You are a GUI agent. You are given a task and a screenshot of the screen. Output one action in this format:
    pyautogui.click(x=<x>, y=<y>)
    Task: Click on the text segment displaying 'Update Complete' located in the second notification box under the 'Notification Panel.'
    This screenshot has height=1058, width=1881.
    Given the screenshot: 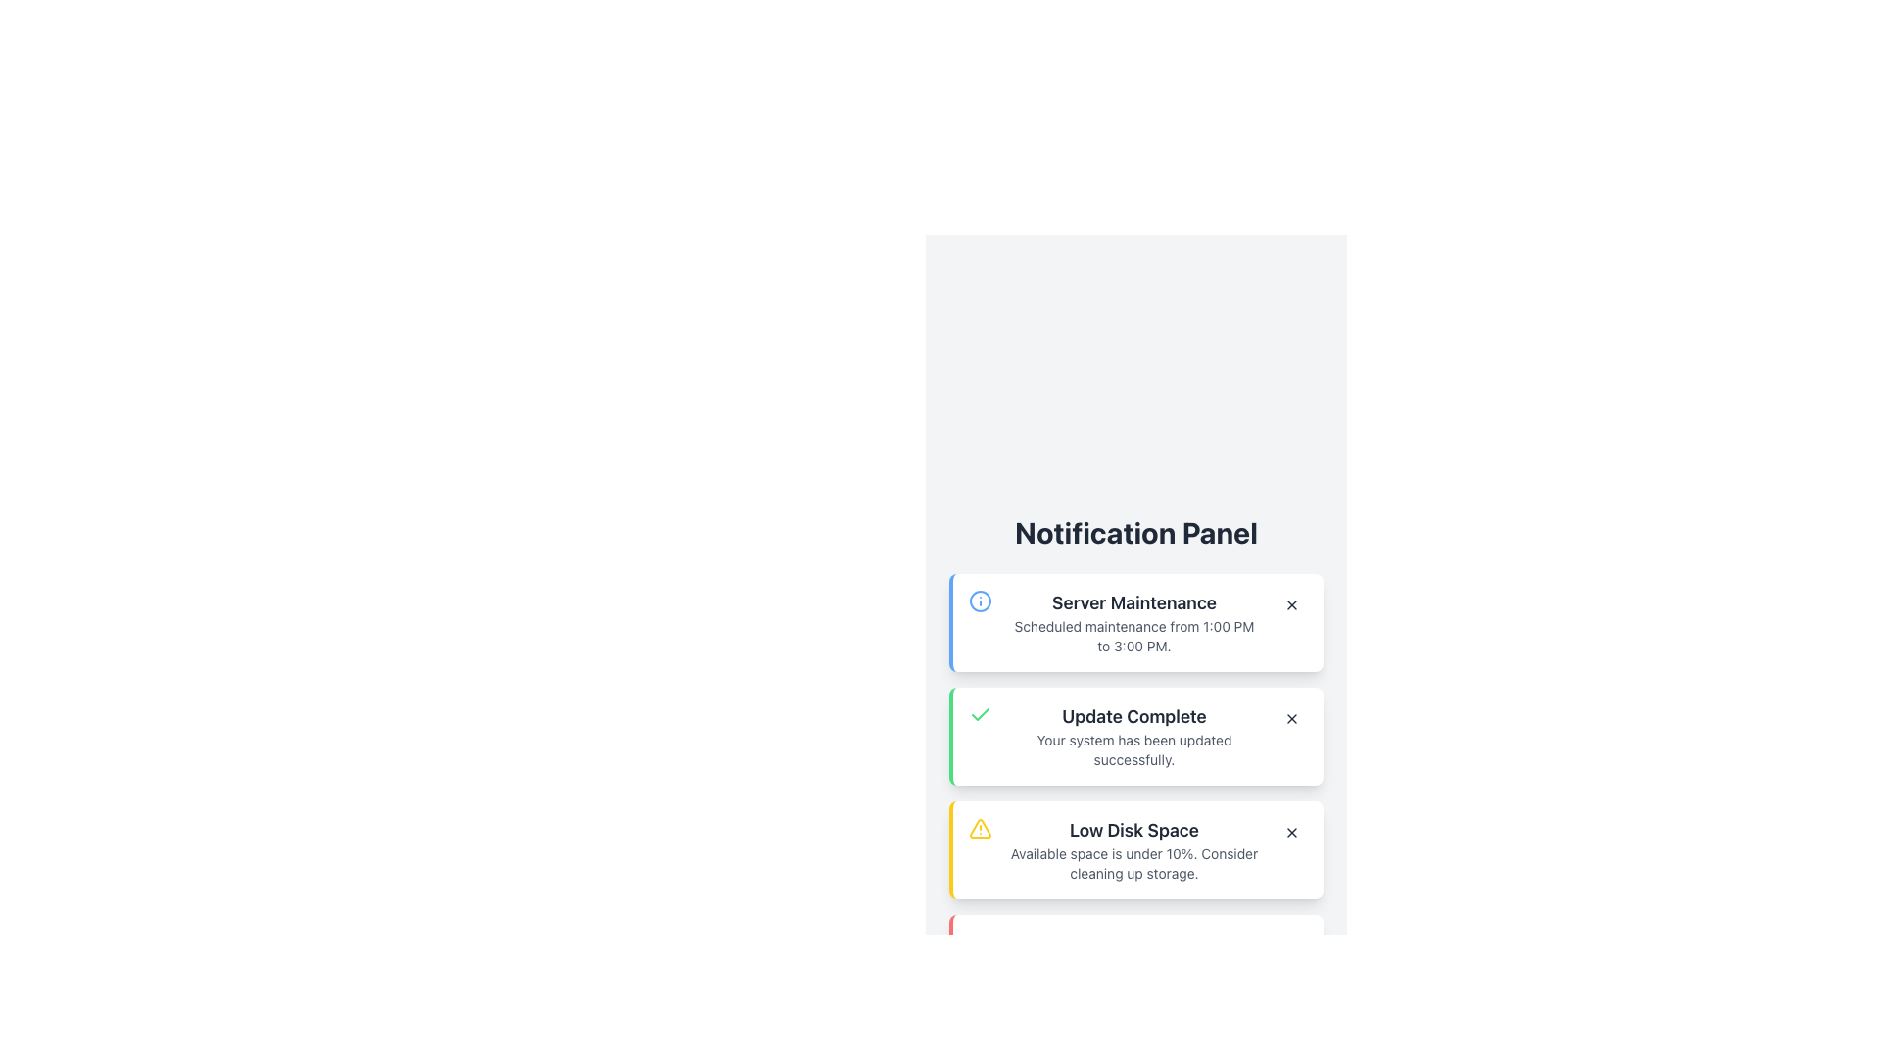 What is the action you would take?
    pyautogui.click(x=1133, y=717)
    